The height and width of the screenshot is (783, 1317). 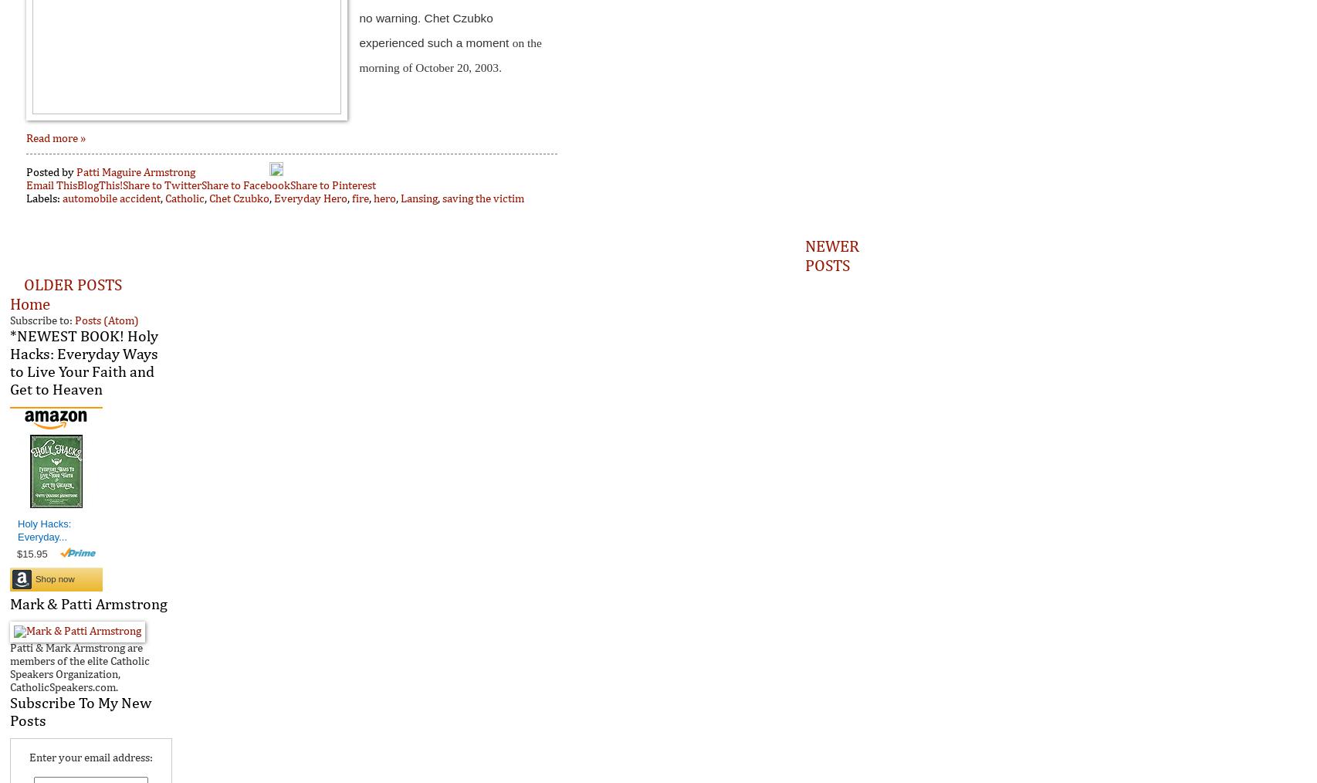 What do you see at coordinates (75, 320) in the screenshot?
I see `'Posts (Atom)'` at bounding box center [75, 320].